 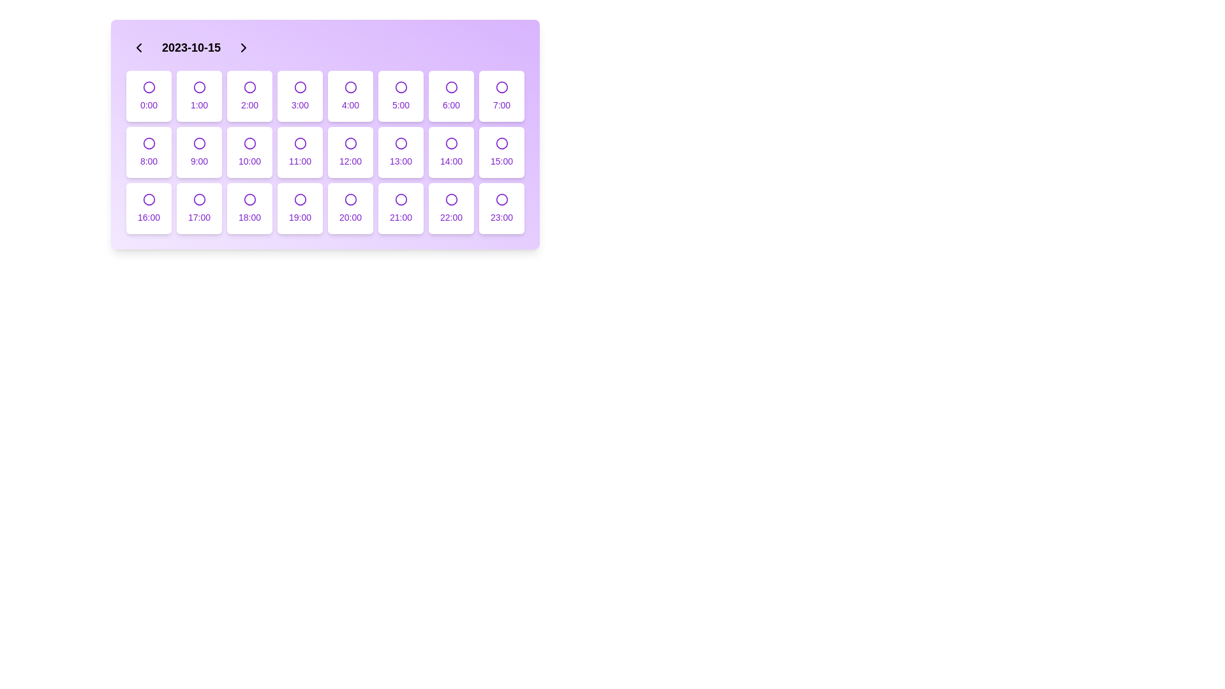 I want to click on the leftward pointing chevron icon located on the left side of the navigation area, so click(x=138, y=47).